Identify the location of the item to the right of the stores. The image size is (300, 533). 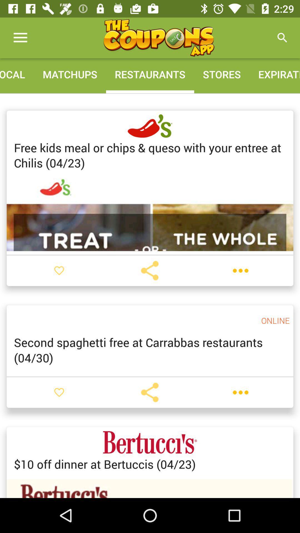
(282, 37).